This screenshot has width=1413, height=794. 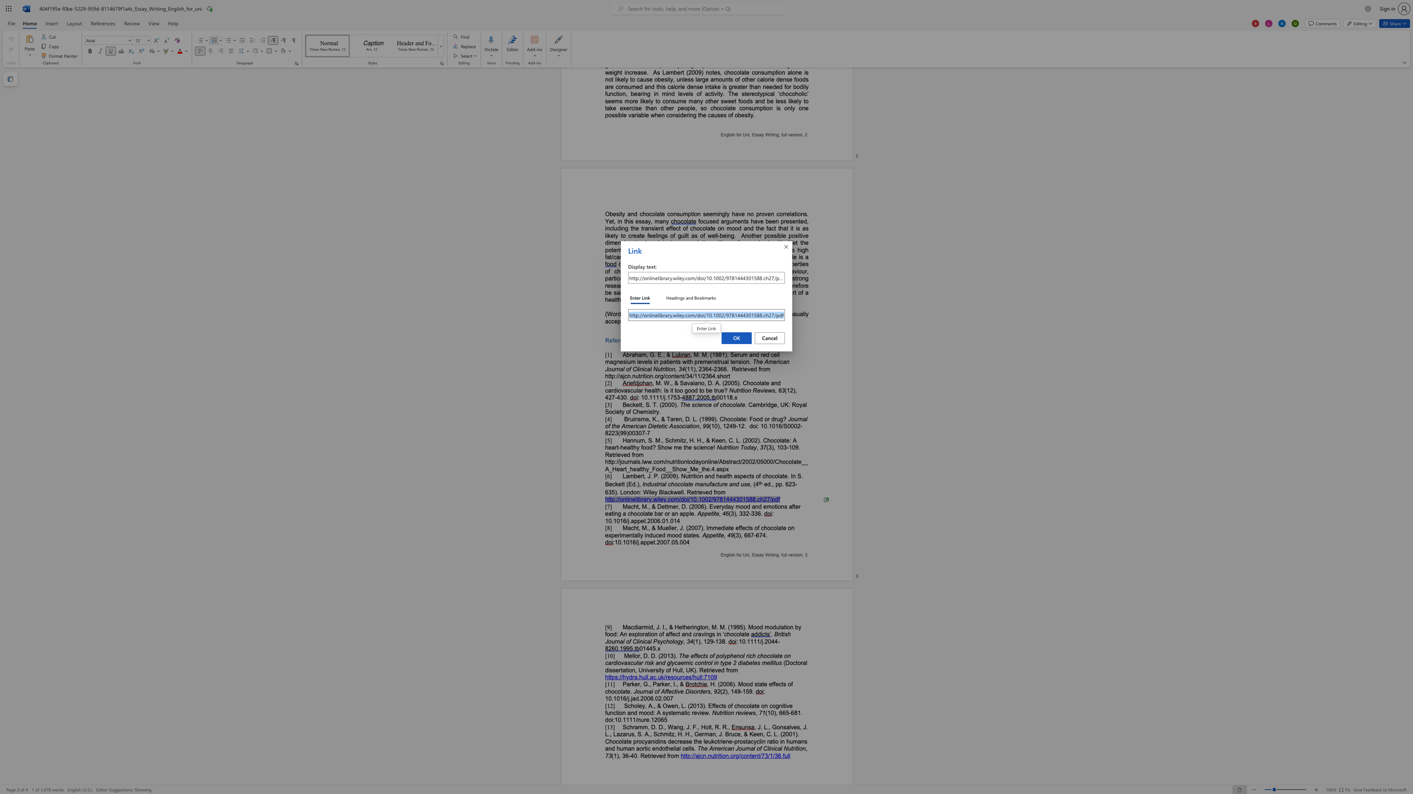 I want to click on the 1th character ":" in the text, so click(x=690, y=755).